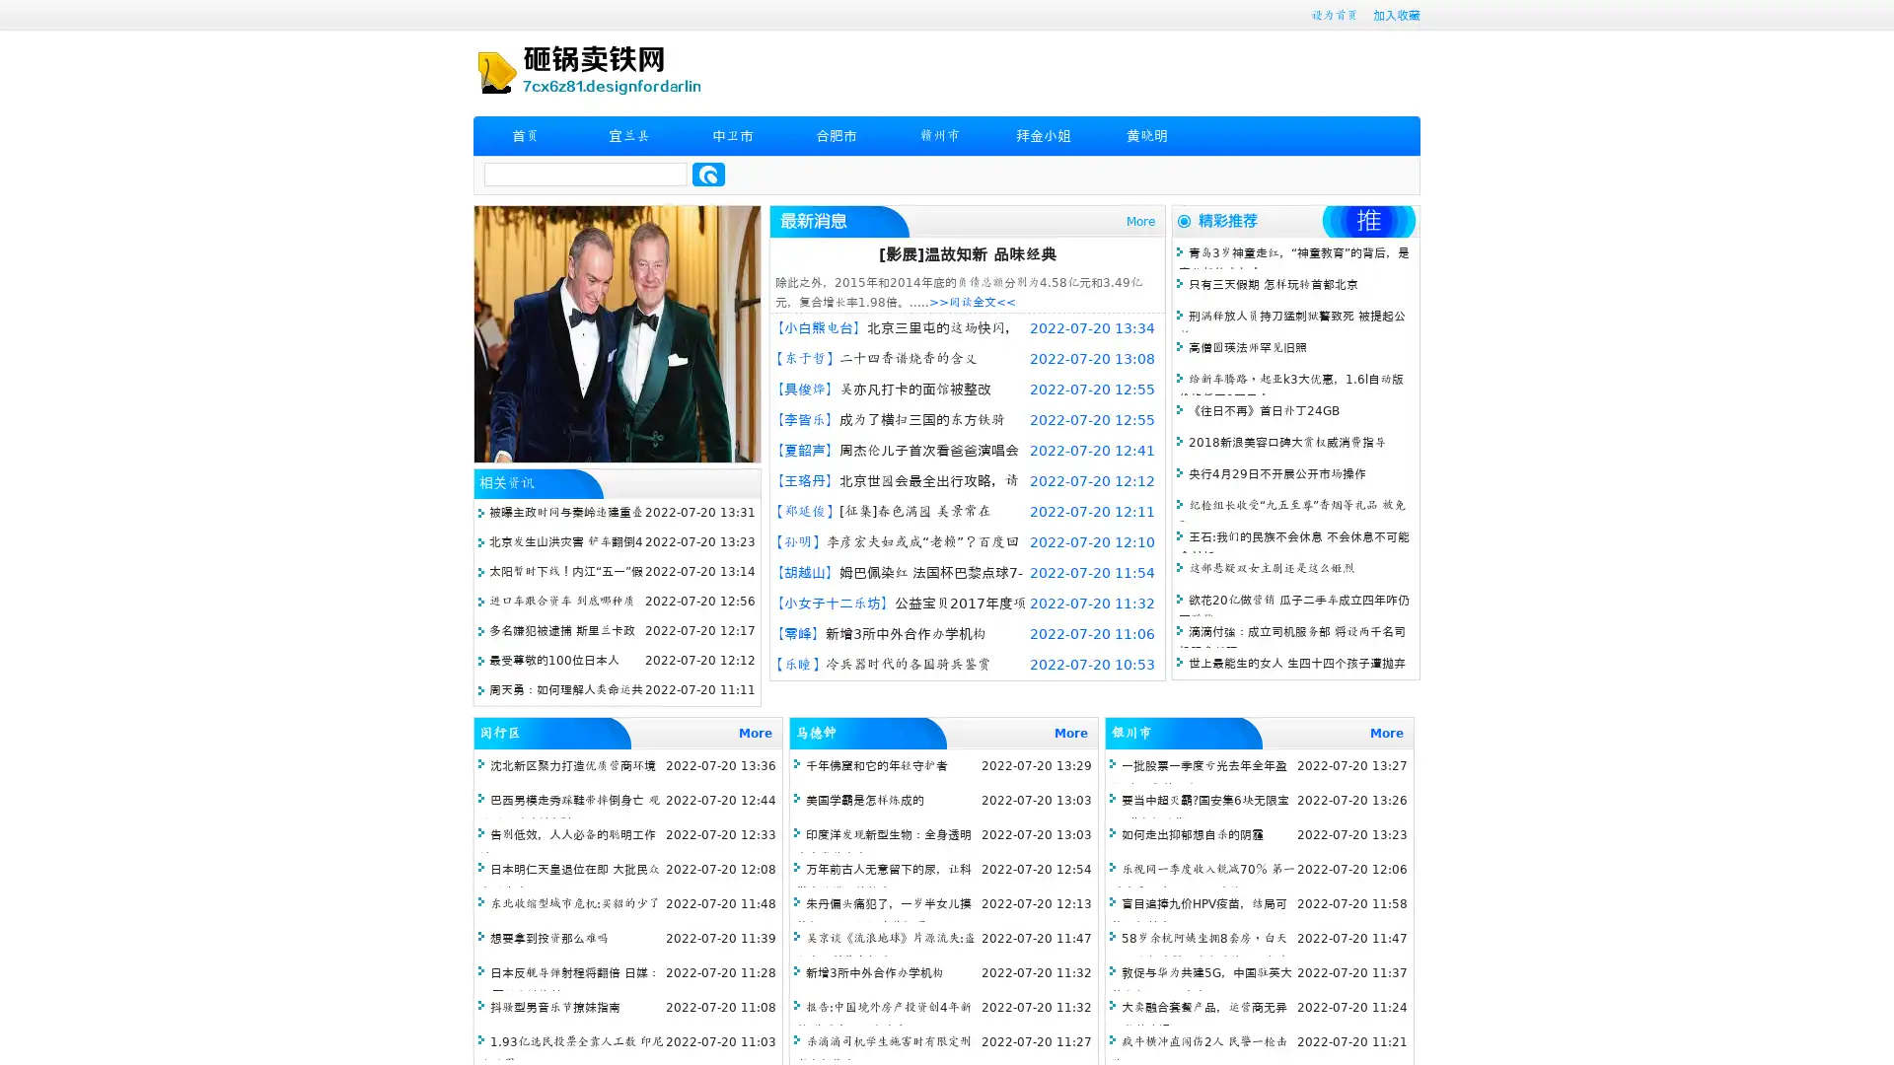 The width and height of the screenshot is (1894, 1065). I want to click on Search, so click(708, 174).